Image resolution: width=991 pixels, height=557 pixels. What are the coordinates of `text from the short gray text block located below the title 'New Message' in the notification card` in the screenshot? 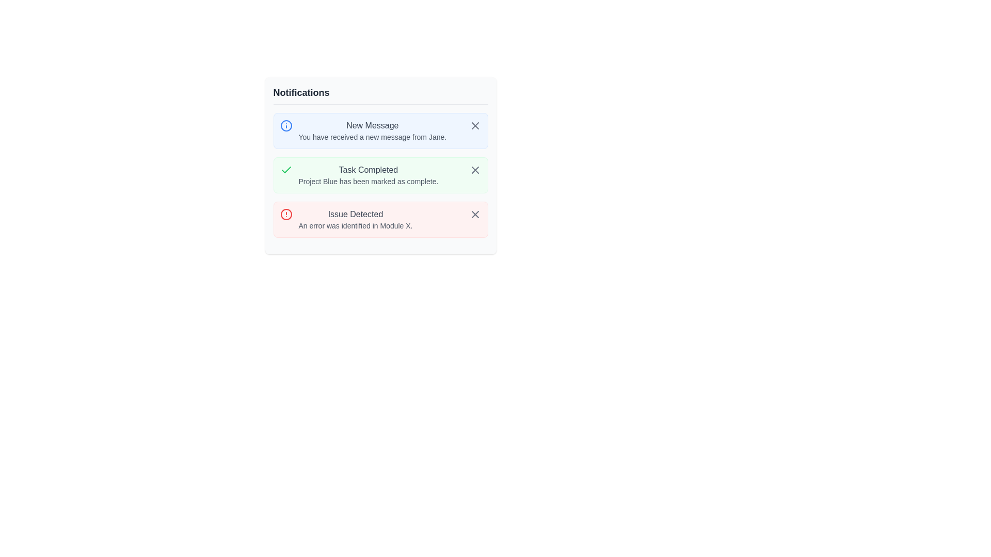 It's located at (372, 137).